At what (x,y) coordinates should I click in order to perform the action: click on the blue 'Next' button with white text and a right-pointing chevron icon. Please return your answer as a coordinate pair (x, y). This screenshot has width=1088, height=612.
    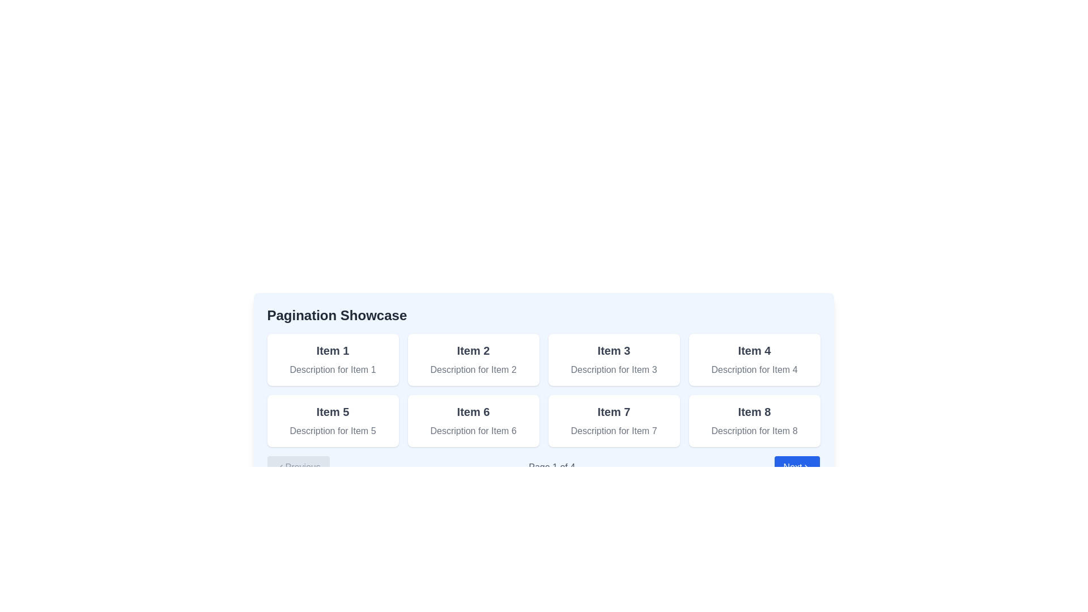
    Looking at the image, I should click on (796, 467).